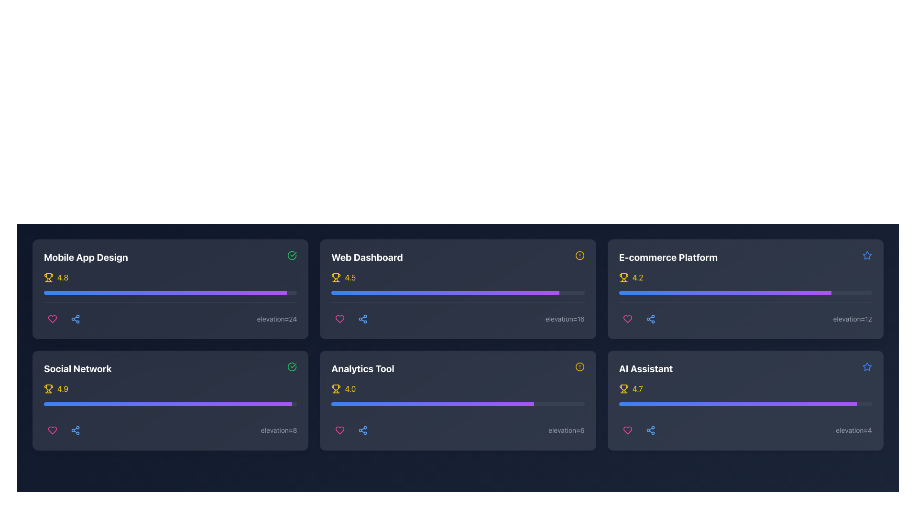 The image size is (918, 516). What do you see at coordinates (745, 404) in the screenshot?
I see `the horizontal progress bar with a gradient transitioning from blue to purple located in the 'AI Assistant' card, situated in the bottom-right section of the interface grid` at bounding box center [745, 404].